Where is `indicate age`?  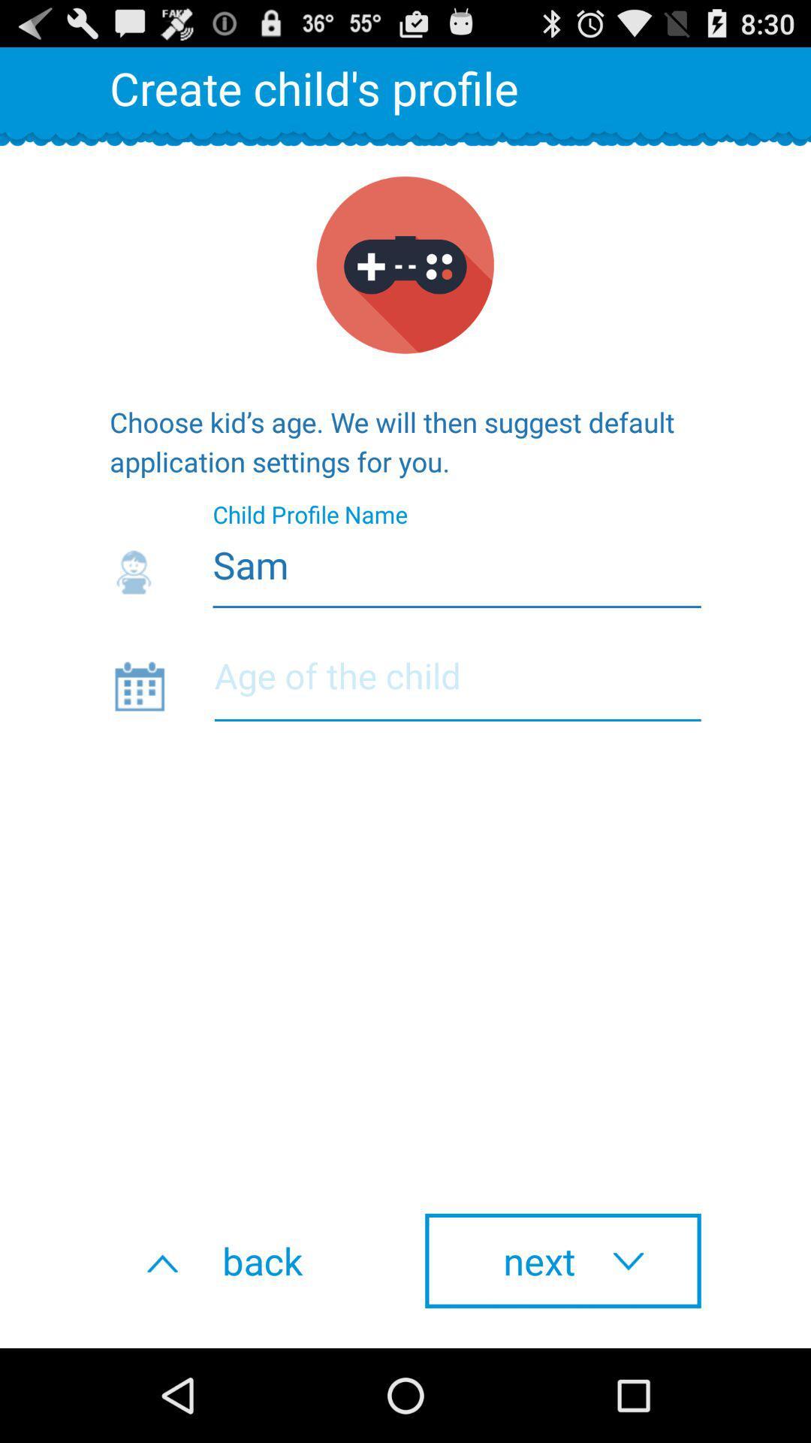
indicate age is located at coordinates (457, 685).